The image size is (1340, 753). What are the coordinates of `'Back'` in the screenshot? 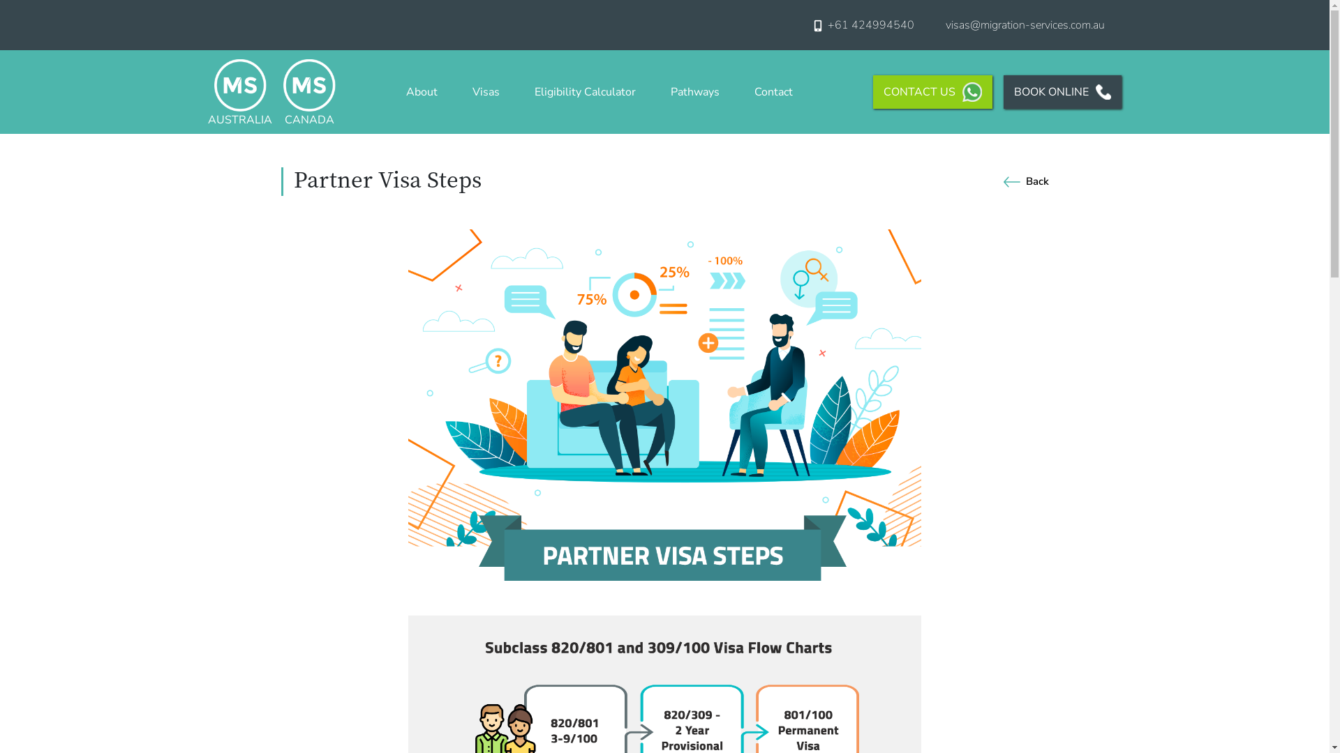 It's located at (1023, 180).